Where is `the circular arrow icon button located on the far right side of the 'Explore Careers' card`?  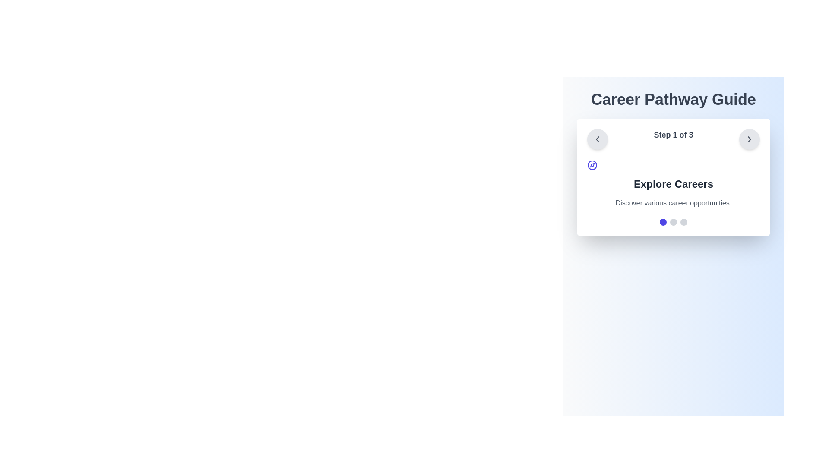
the circular arrow icon button located on the far right side of the 'Explore Careers' card is located at coordinates (749, 139).